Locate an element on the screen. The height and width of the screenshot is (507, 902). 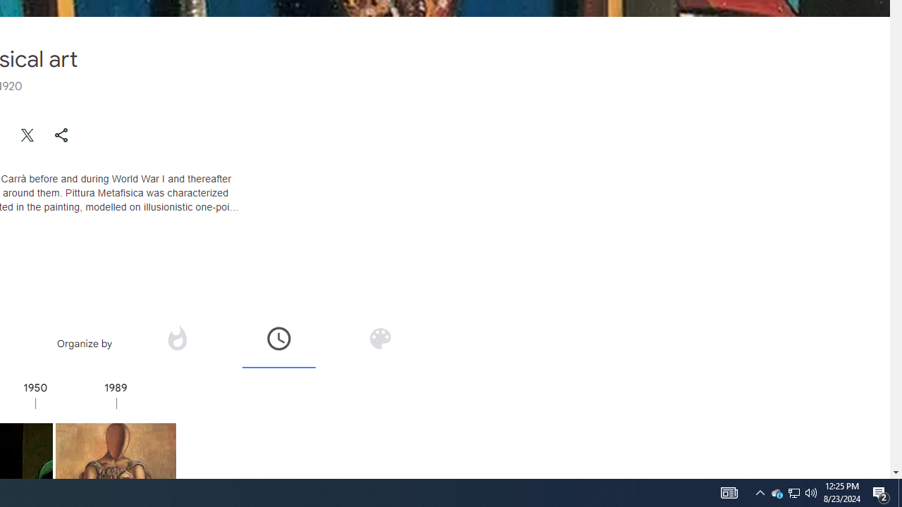
'Organize by popularity' is located at coordinates (176, 343).